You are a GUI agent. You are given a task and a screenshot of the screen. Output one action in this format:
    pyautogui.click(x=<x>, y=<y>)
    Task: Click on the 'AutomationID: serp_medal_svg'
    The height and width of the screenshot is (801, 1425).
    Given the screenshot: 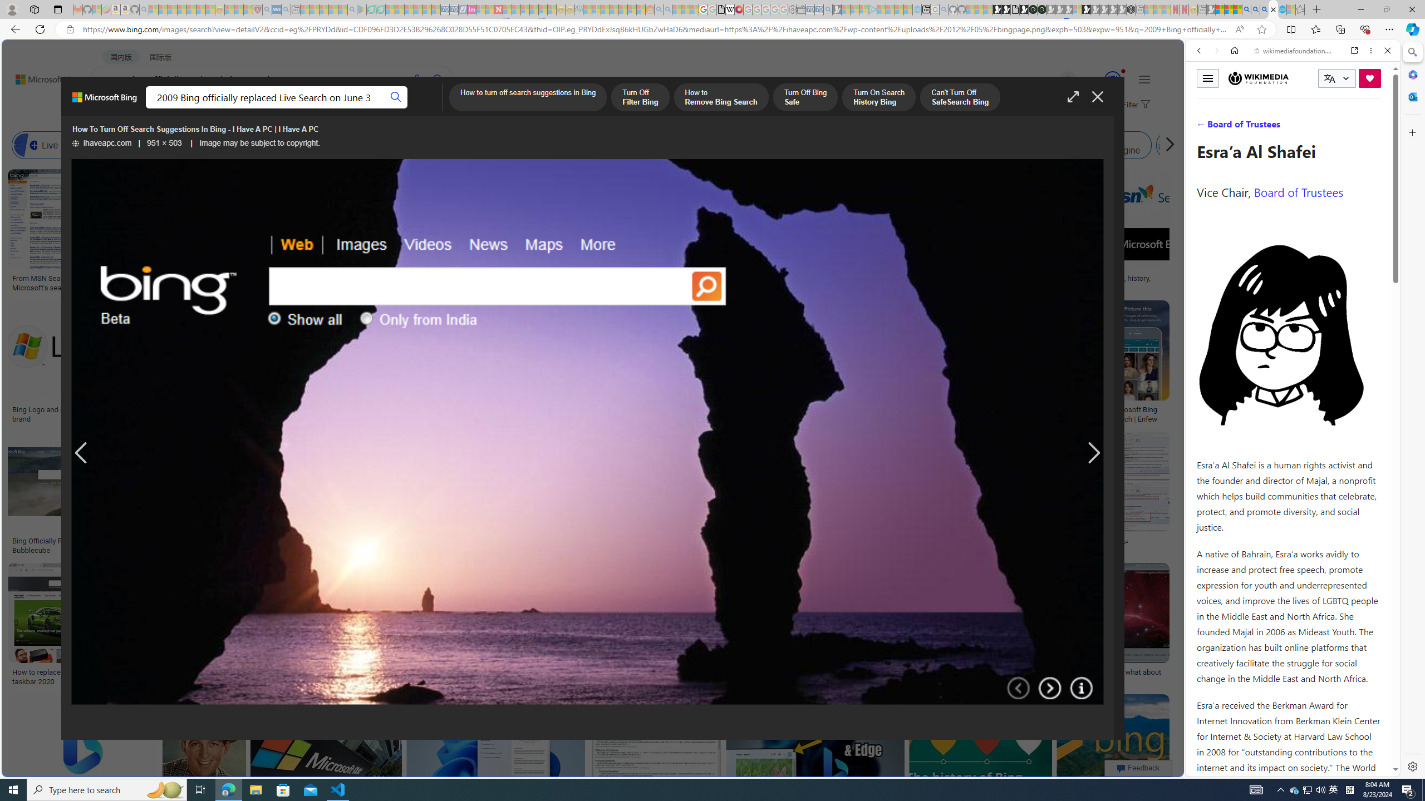 What is the action you would take?
    pyautogui.click(x=1112, y=78)
    